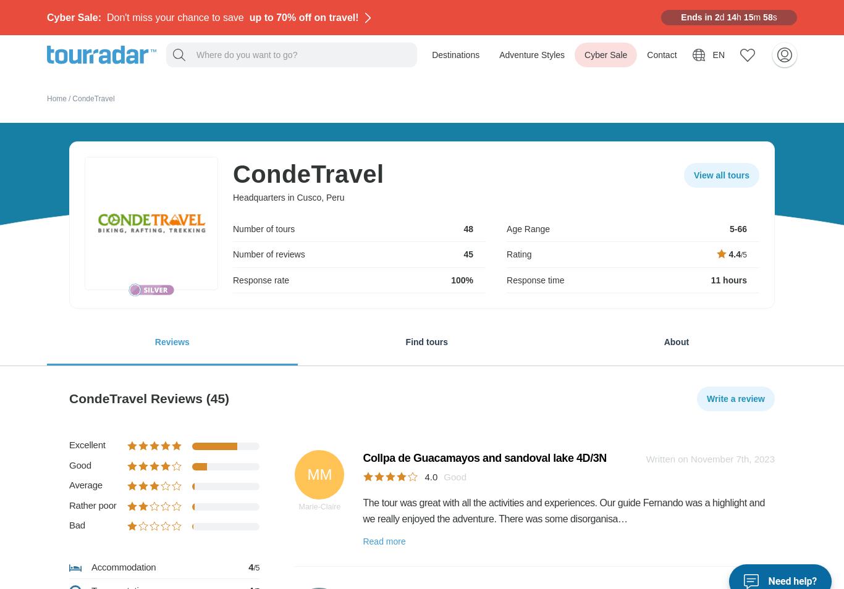 The image size is (844, 589). Describe the element at coordinates (76, 525) in the screenshot. I see `'Bad'` at that location.